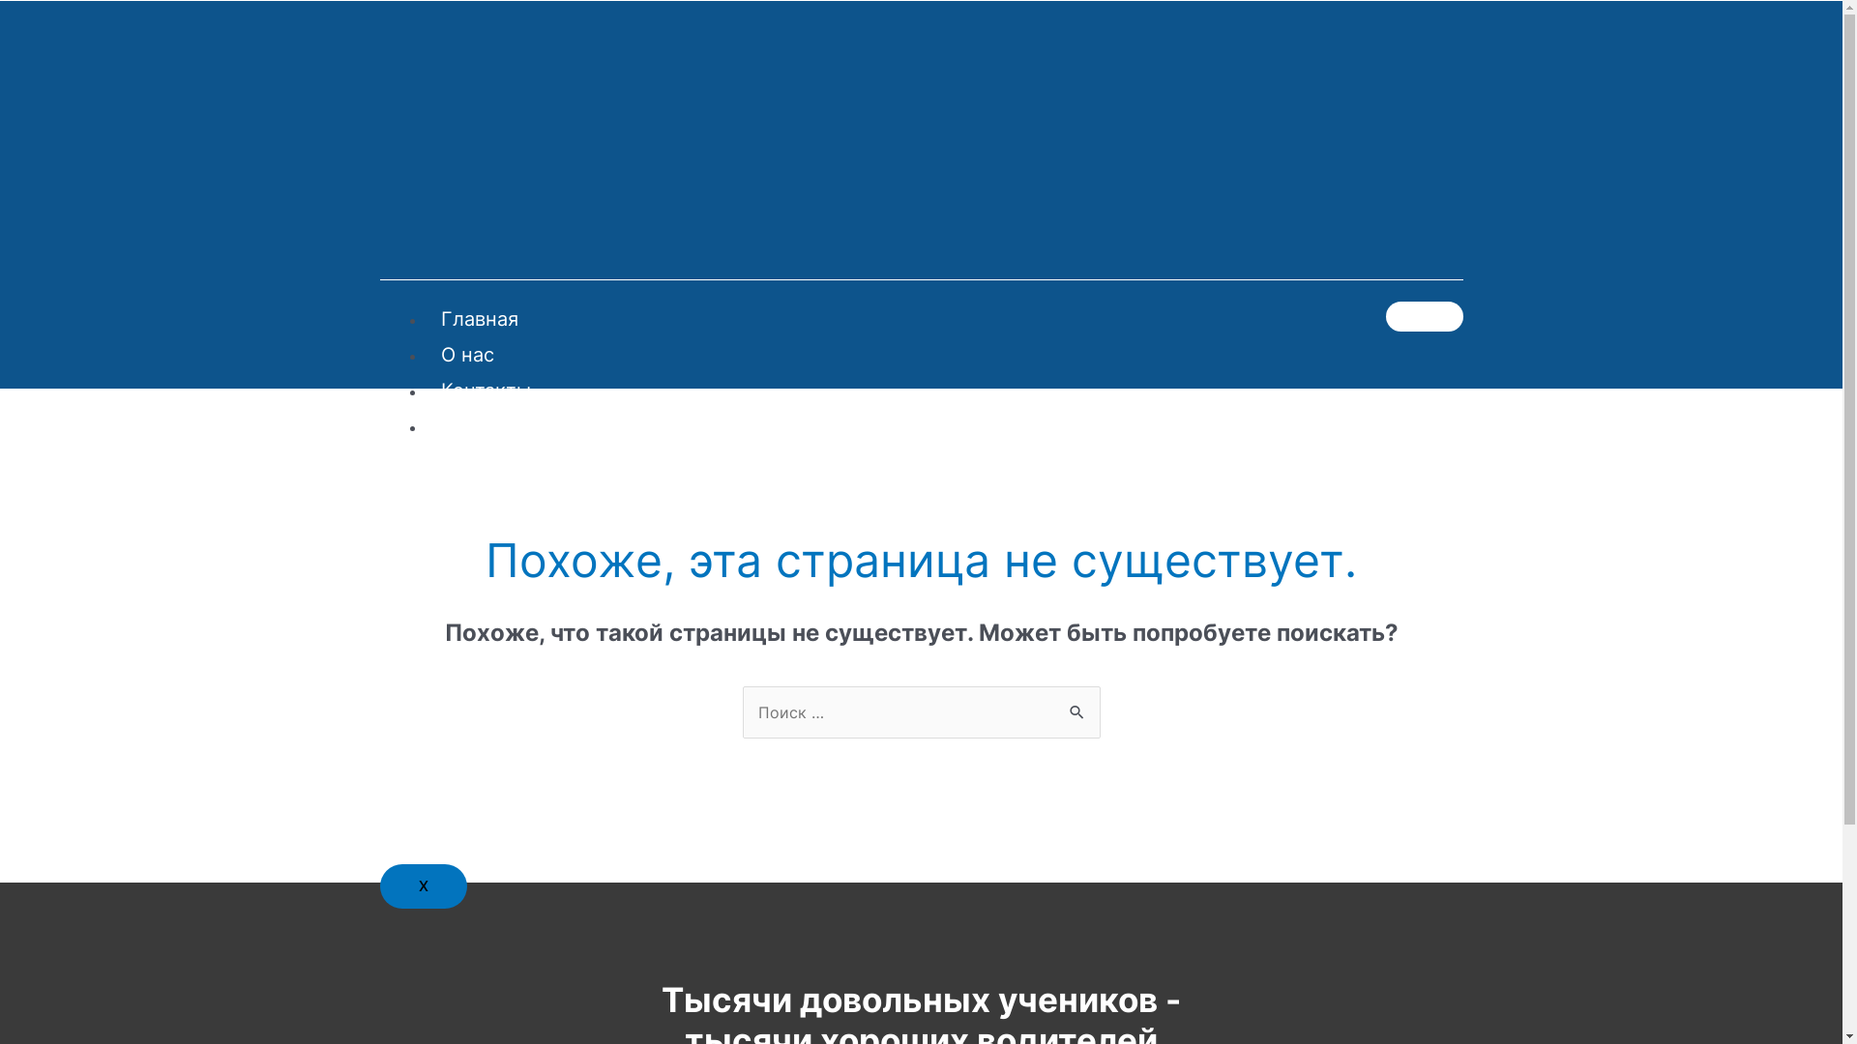 The width and height of the screenshot is (1857, 1044). I want to click on 'X', so click(421, 886).